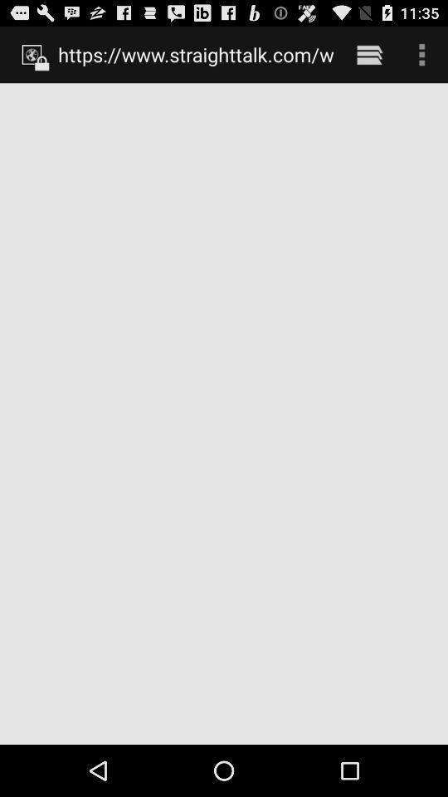 The image size is (448, 797). What do you see at coordinates (195, 54) in the screenshot?
I see `item at the top` at bounding box center [195, 54].